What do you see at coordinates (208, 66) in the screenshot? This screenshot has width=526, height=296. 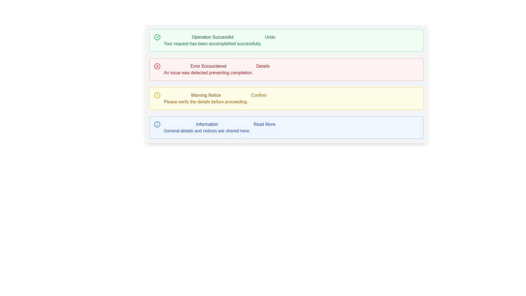 I see `text label displaying 'Error Encountered.' which is prominently styled in red within a light red background, located in the second section of the status messages layout` at bounding box center [208, 66].